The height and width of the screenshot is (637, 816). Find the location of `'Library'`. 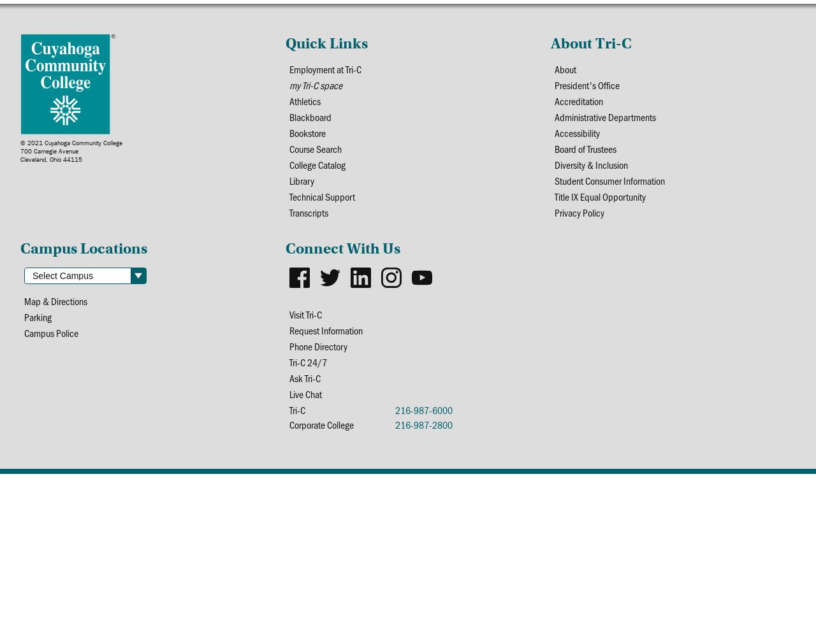

'Library' is located at coordinates (288, 180).